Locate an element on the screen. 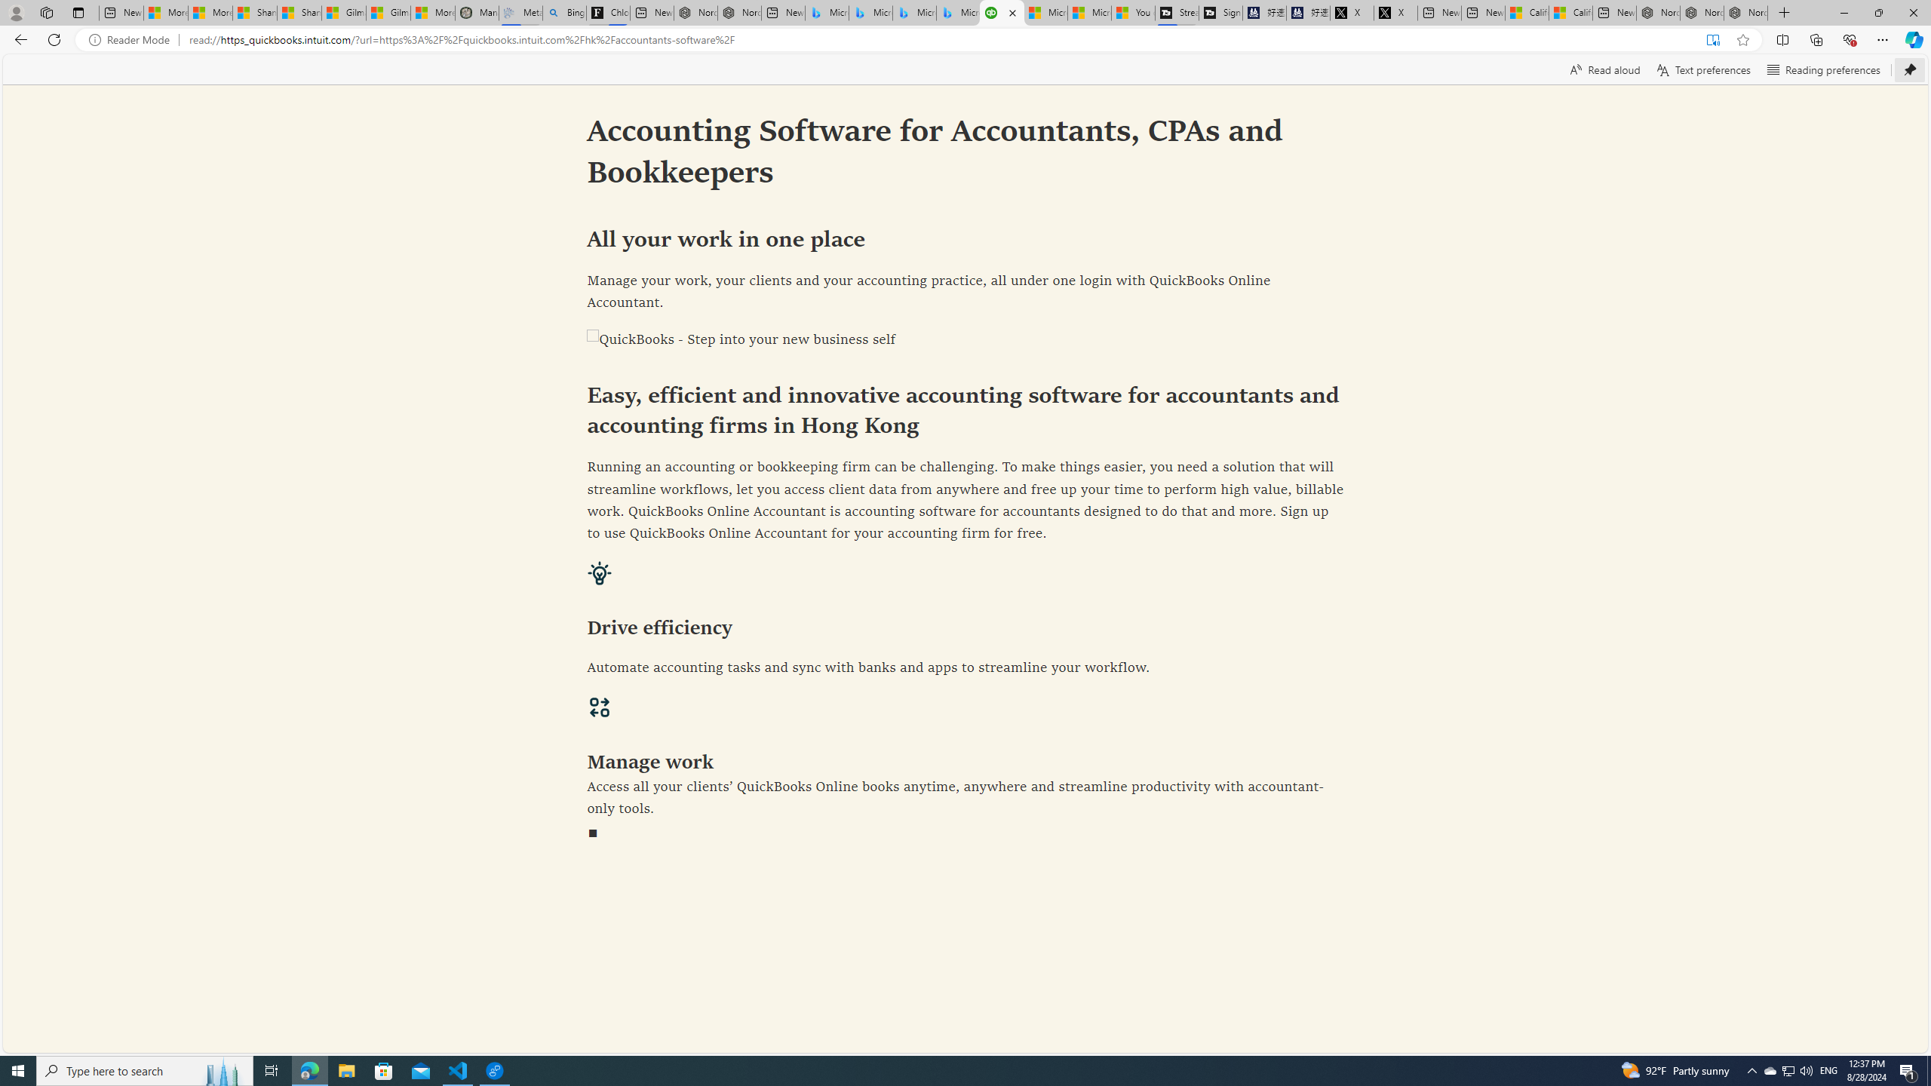 This screenshot has height=1086, width=1931. 'Manatee Mortality Statistics | FWC' is located at coordinates (476, 12).